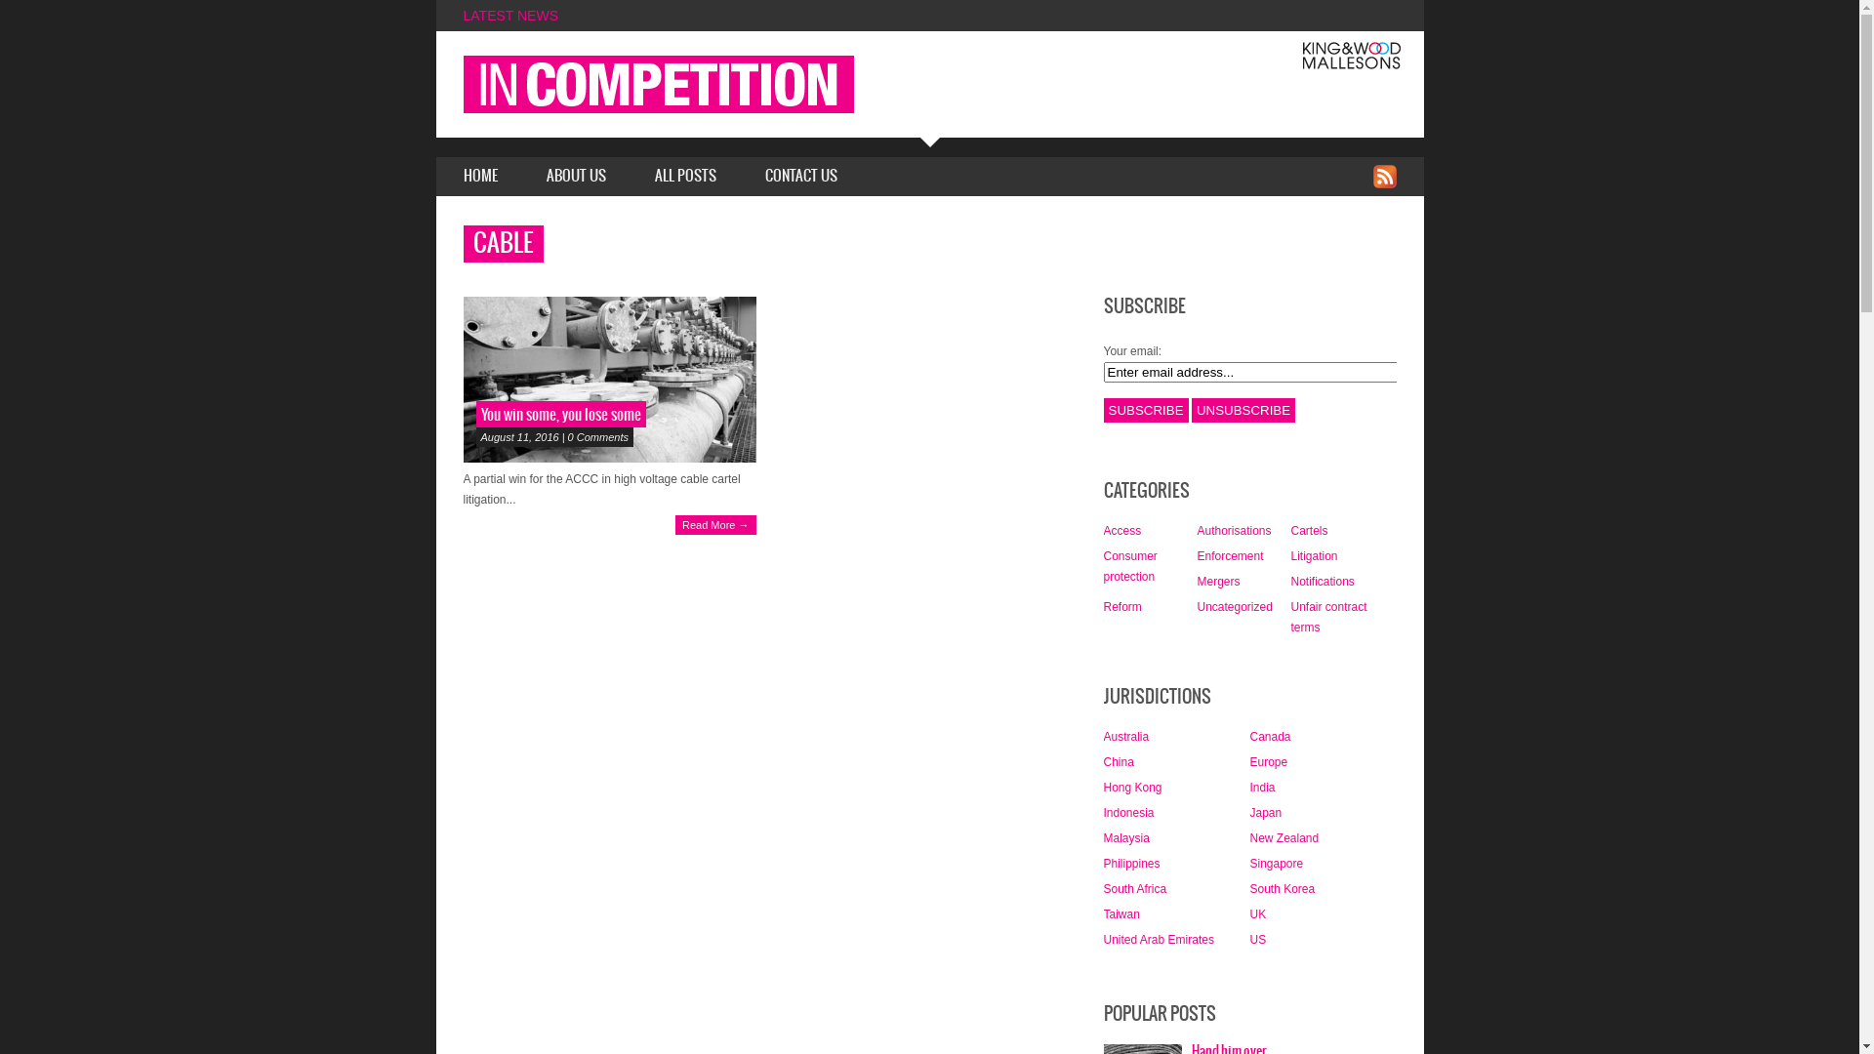 The height and width of the screenshot is (1054, 1874). Describe the element at coordinates (1125, 737) in the screenshot. I see `'Australia'` at that location.